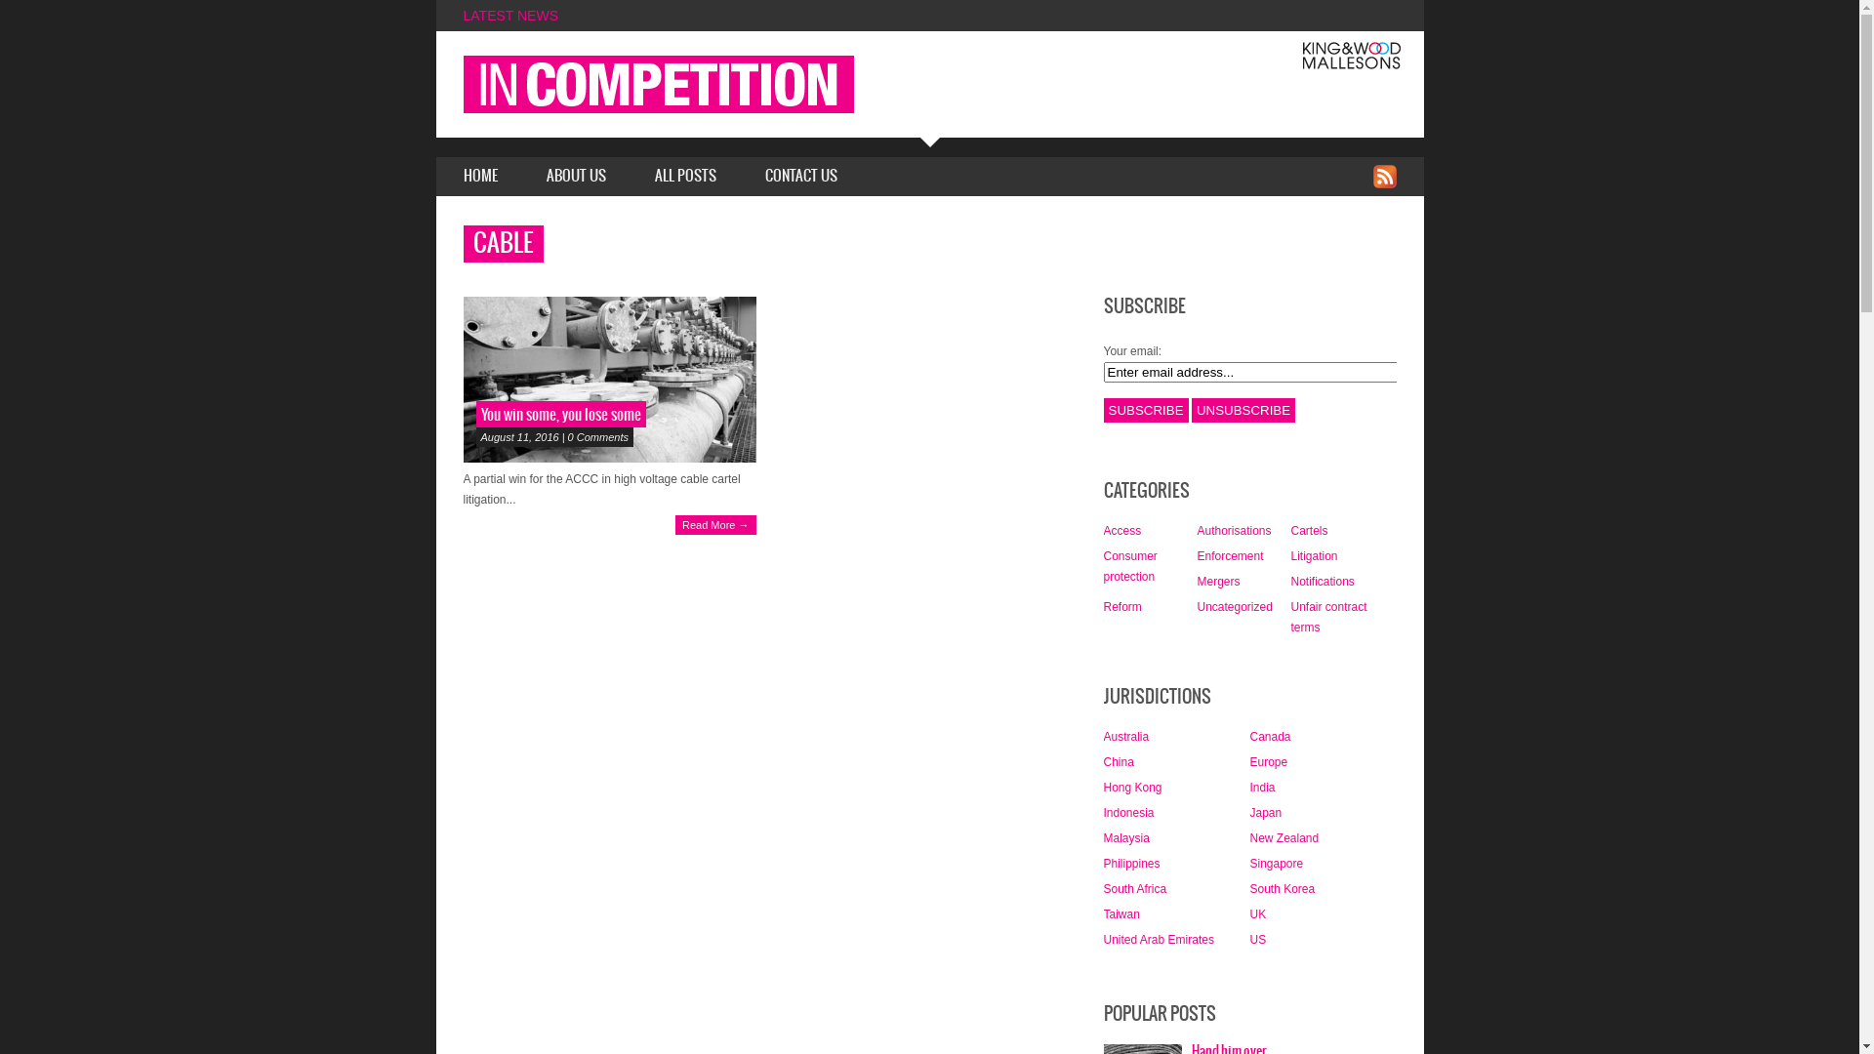 The height and width of the screenshot is (1054, 1874). Describe the element at coordinates (1125, 737) in the screenshot. I see `'Australia'` at that location.